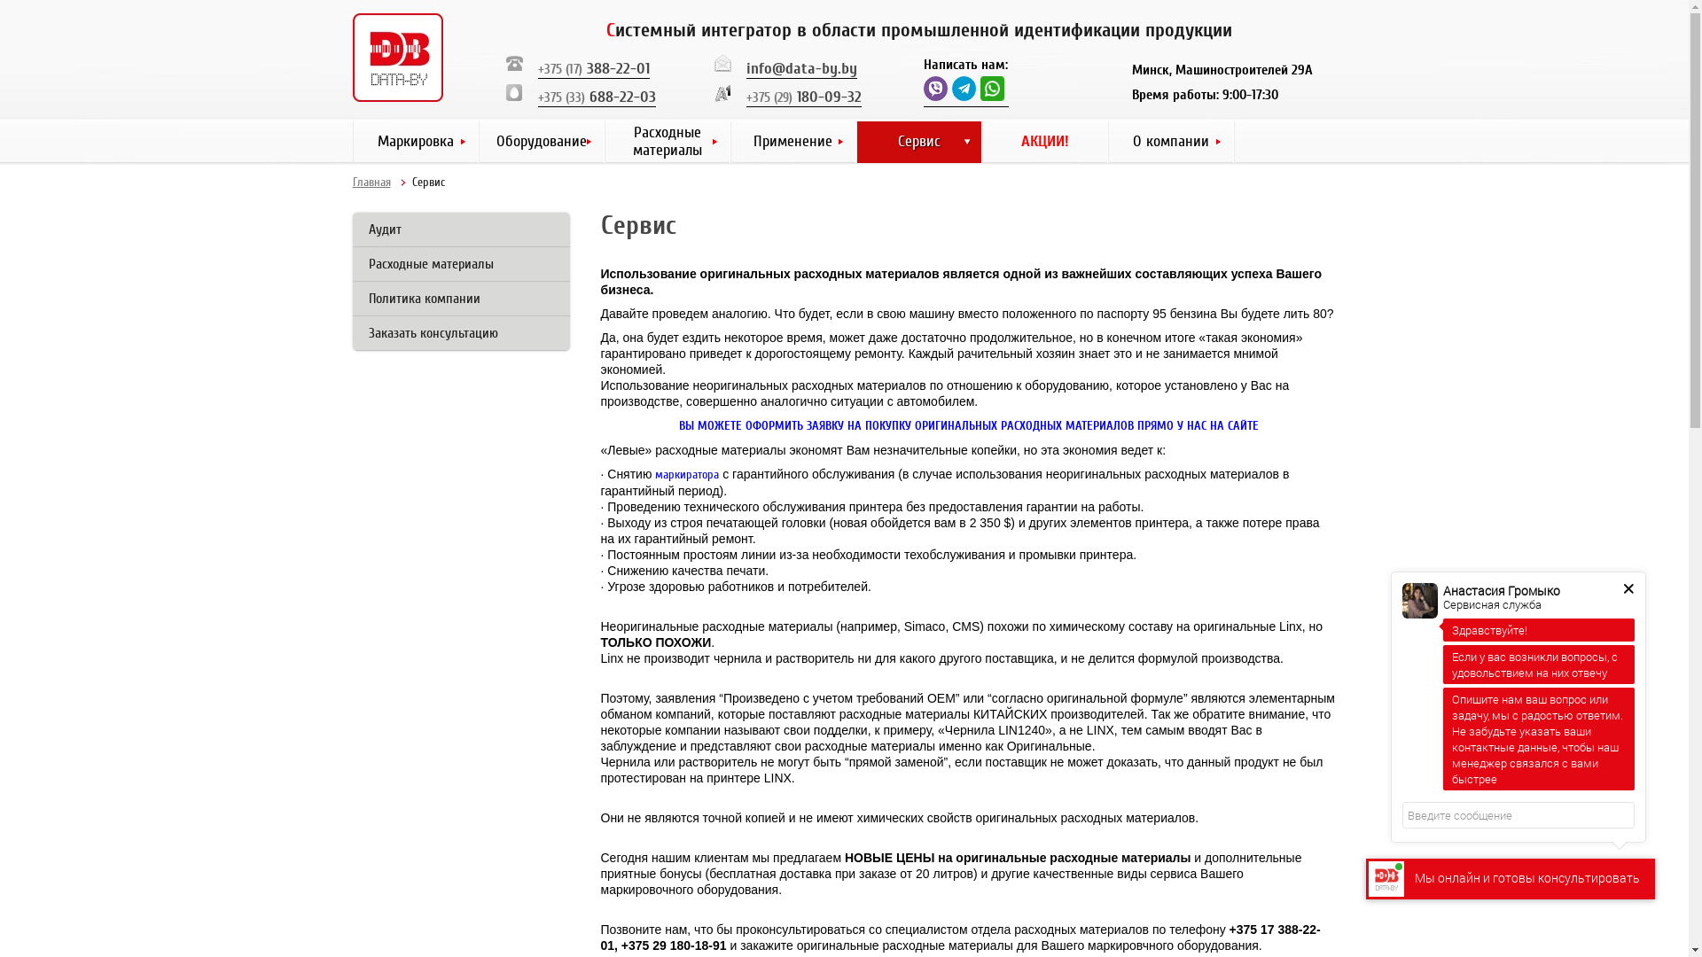 The height and width of the screenshot is (957, 1702). What do you see at coordinates (800, 67) in the screenshot?
I see `'info@data-by.by'` at bounding box center [800, 67].